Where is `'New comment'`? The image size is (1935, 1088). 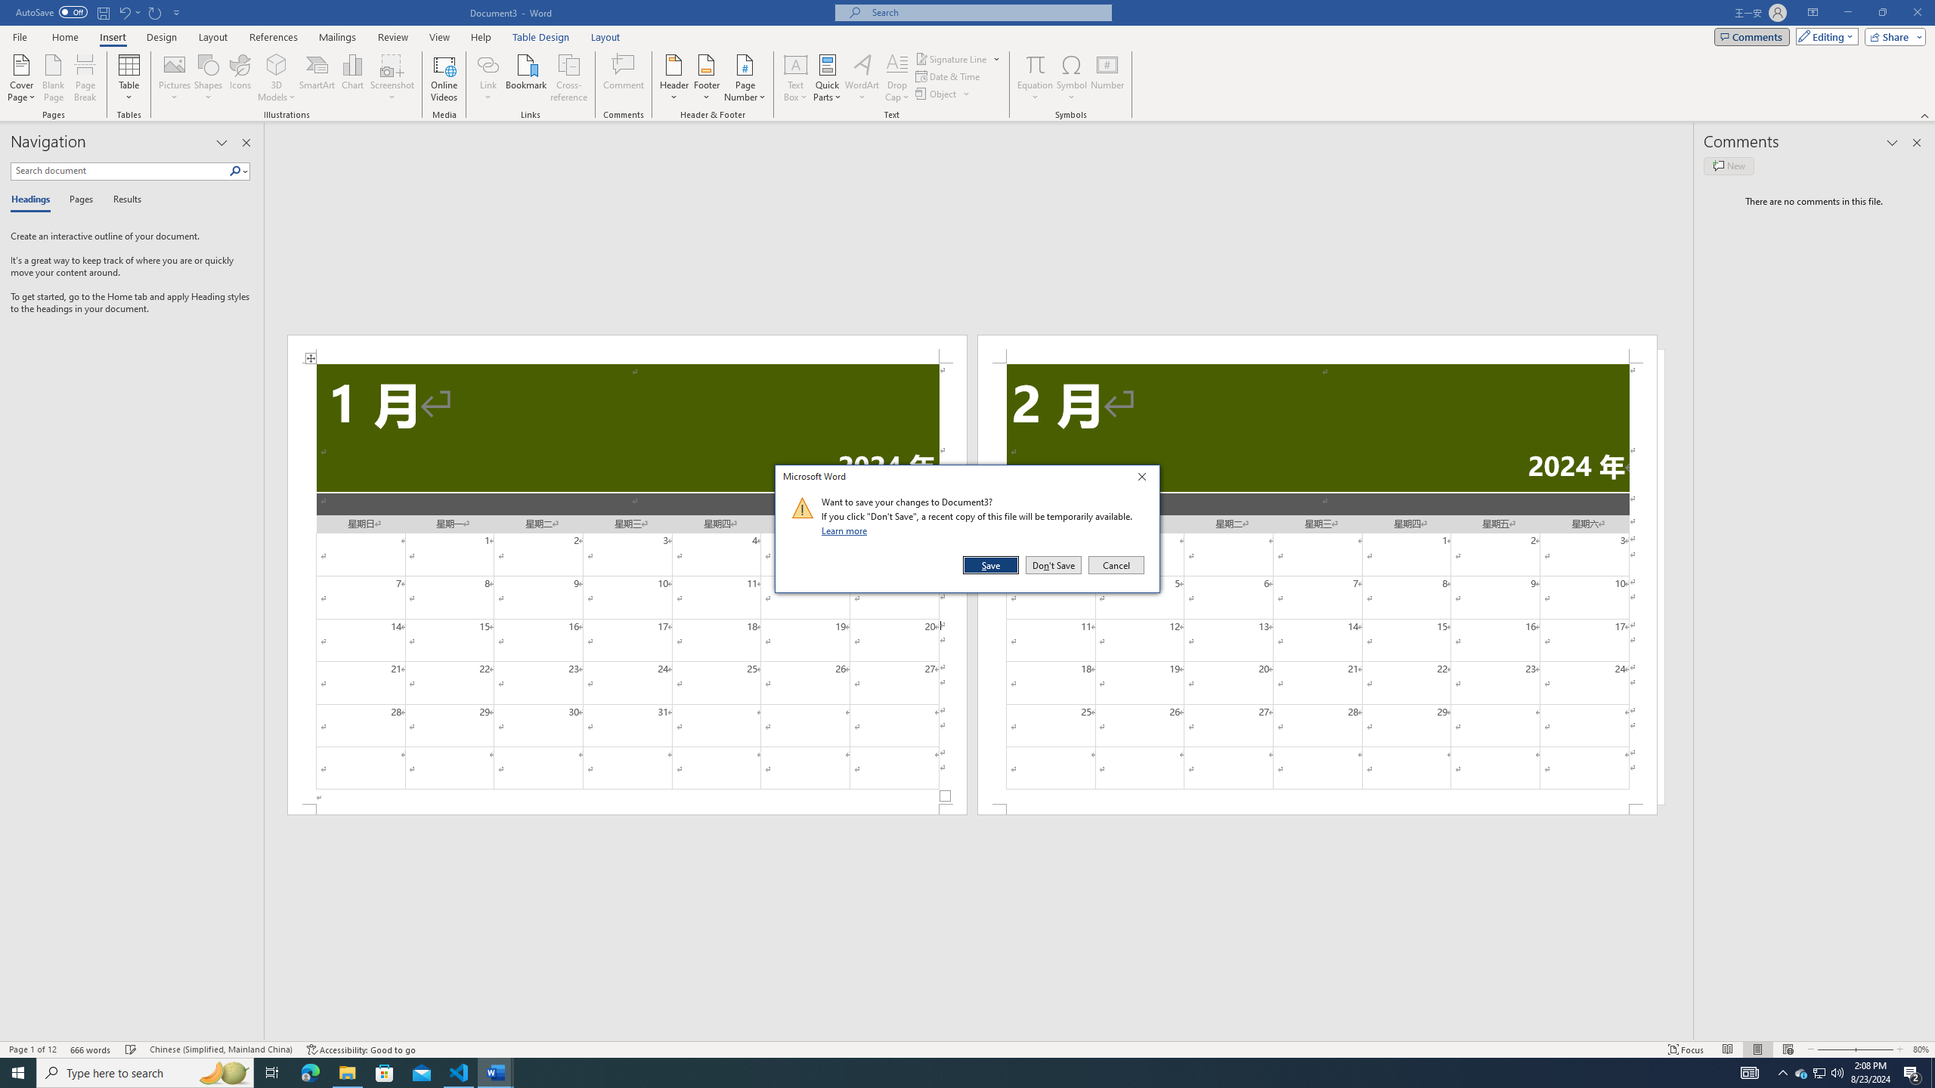 'New comment' is located at coordinates (1728, 165).